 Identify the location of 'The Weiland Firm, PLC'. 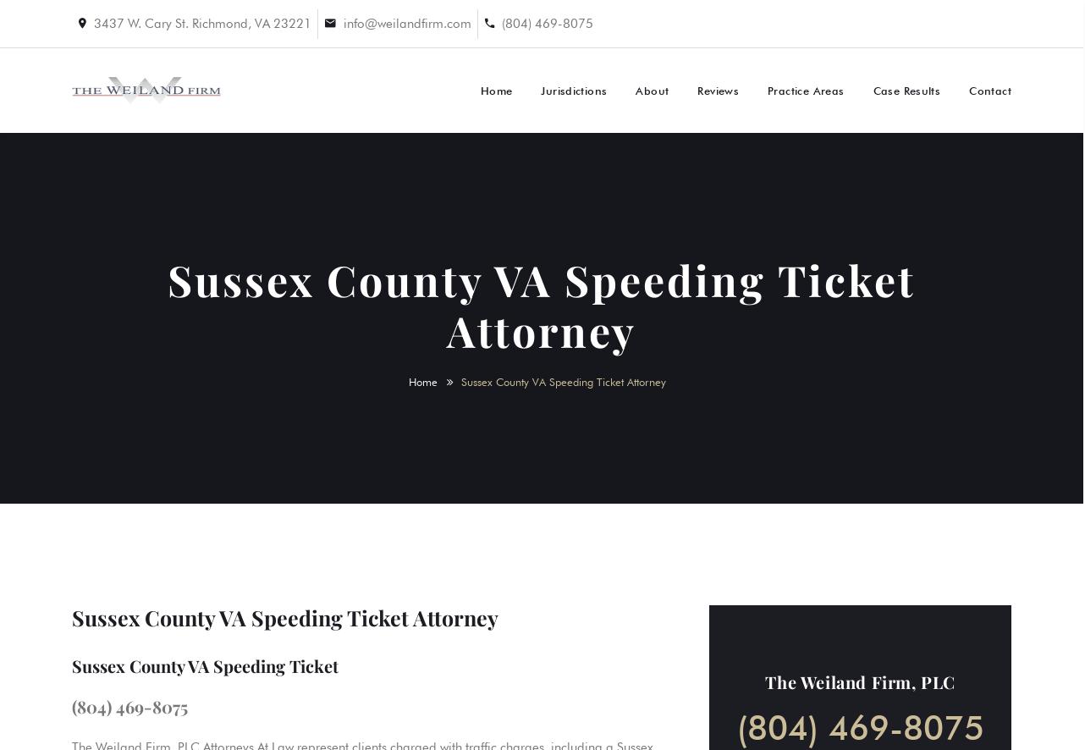
(858, 681).